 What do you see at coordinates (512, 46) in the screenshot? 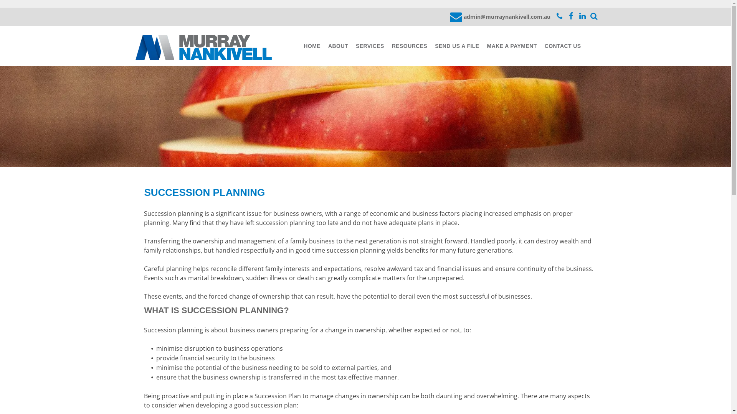
I see `'MAKE A PAYMENT'` at bounding box center [512, 46].